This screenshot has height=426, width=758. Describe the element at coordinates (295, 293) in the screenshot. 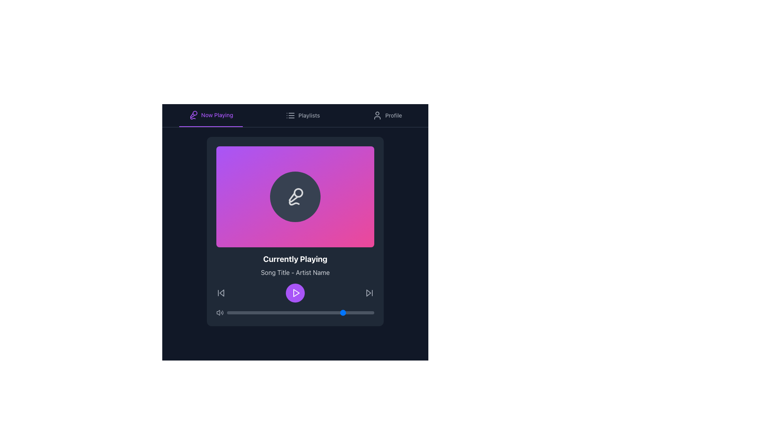

I see `the white triangular play button surrounded by a purple circular background in the music player interface` at that location.